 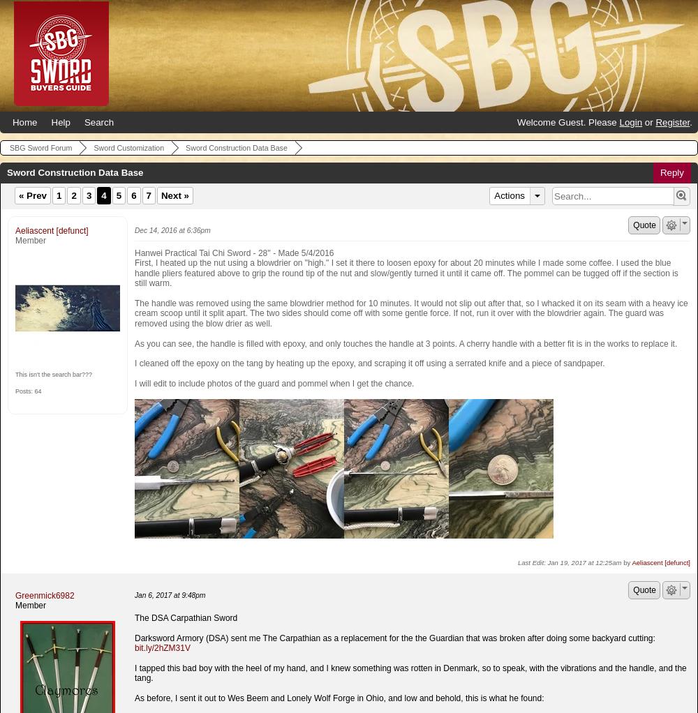 What do you see at coordinates (59, 121) in the screenshot?
I see `'Help'` at bounding box center [59, 121].